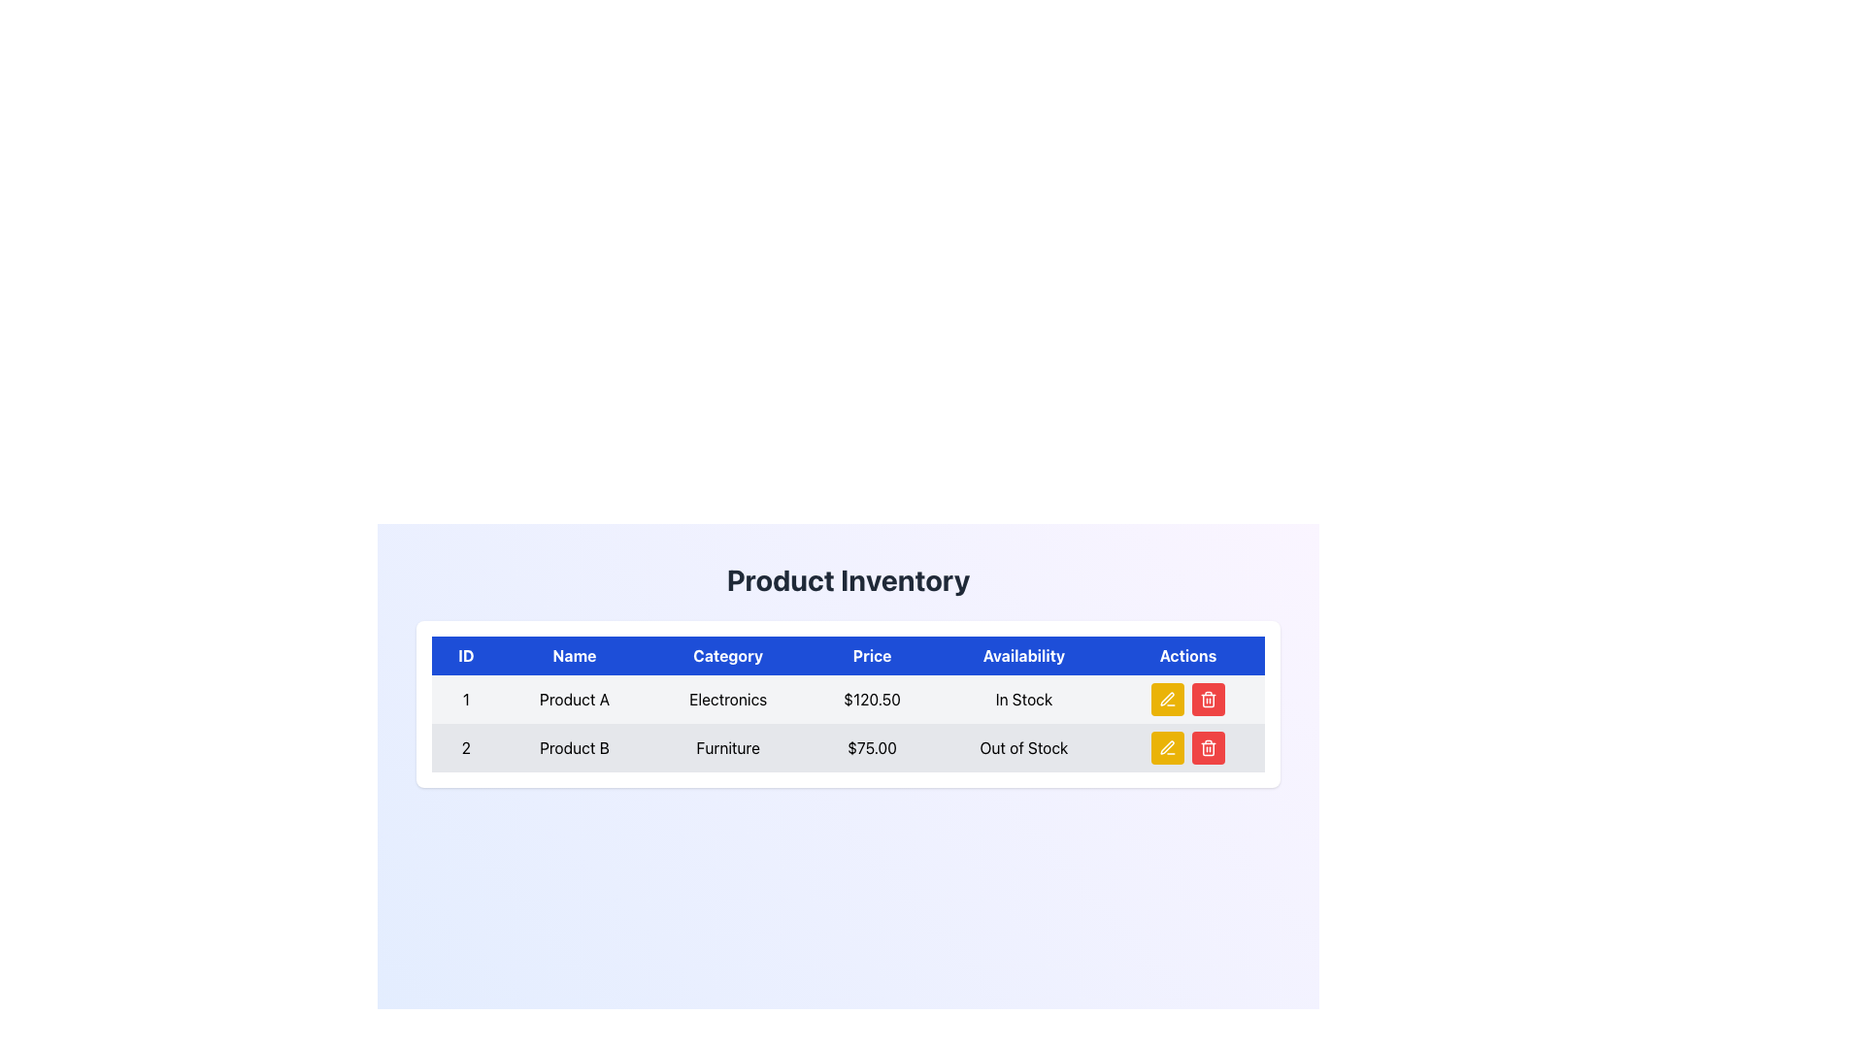 The width and height of the screenshot is (1864, 1048). What do you see at coordinates (848, 655) in the screenshot?
I see `the Table Header Cell indicating the 'Price' column in the upper section of the table, which is the fourth column from the left` at bounding box center [848, 655].